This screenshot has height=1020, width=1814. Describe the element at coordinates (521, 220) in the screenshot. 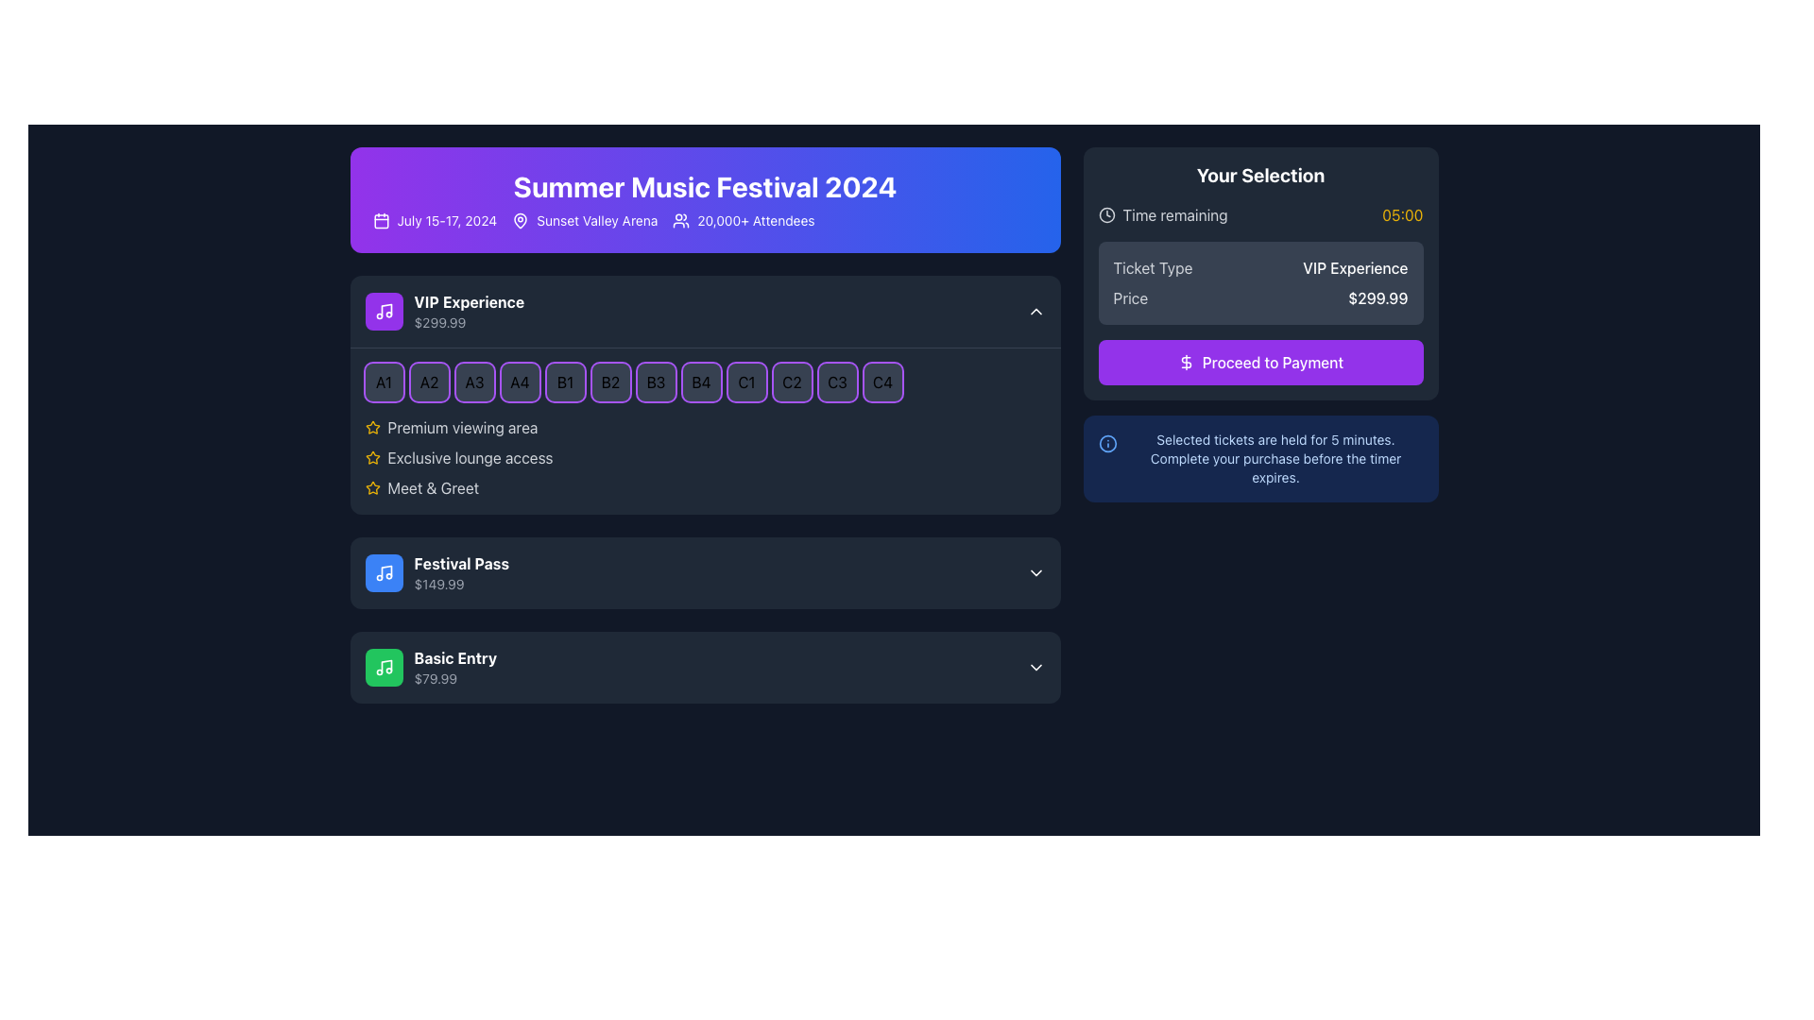

I see `the map pin icon representing the location of 'Sunset Valley Arena' above the 'Summer Music Festival 2024' heading` at that location.